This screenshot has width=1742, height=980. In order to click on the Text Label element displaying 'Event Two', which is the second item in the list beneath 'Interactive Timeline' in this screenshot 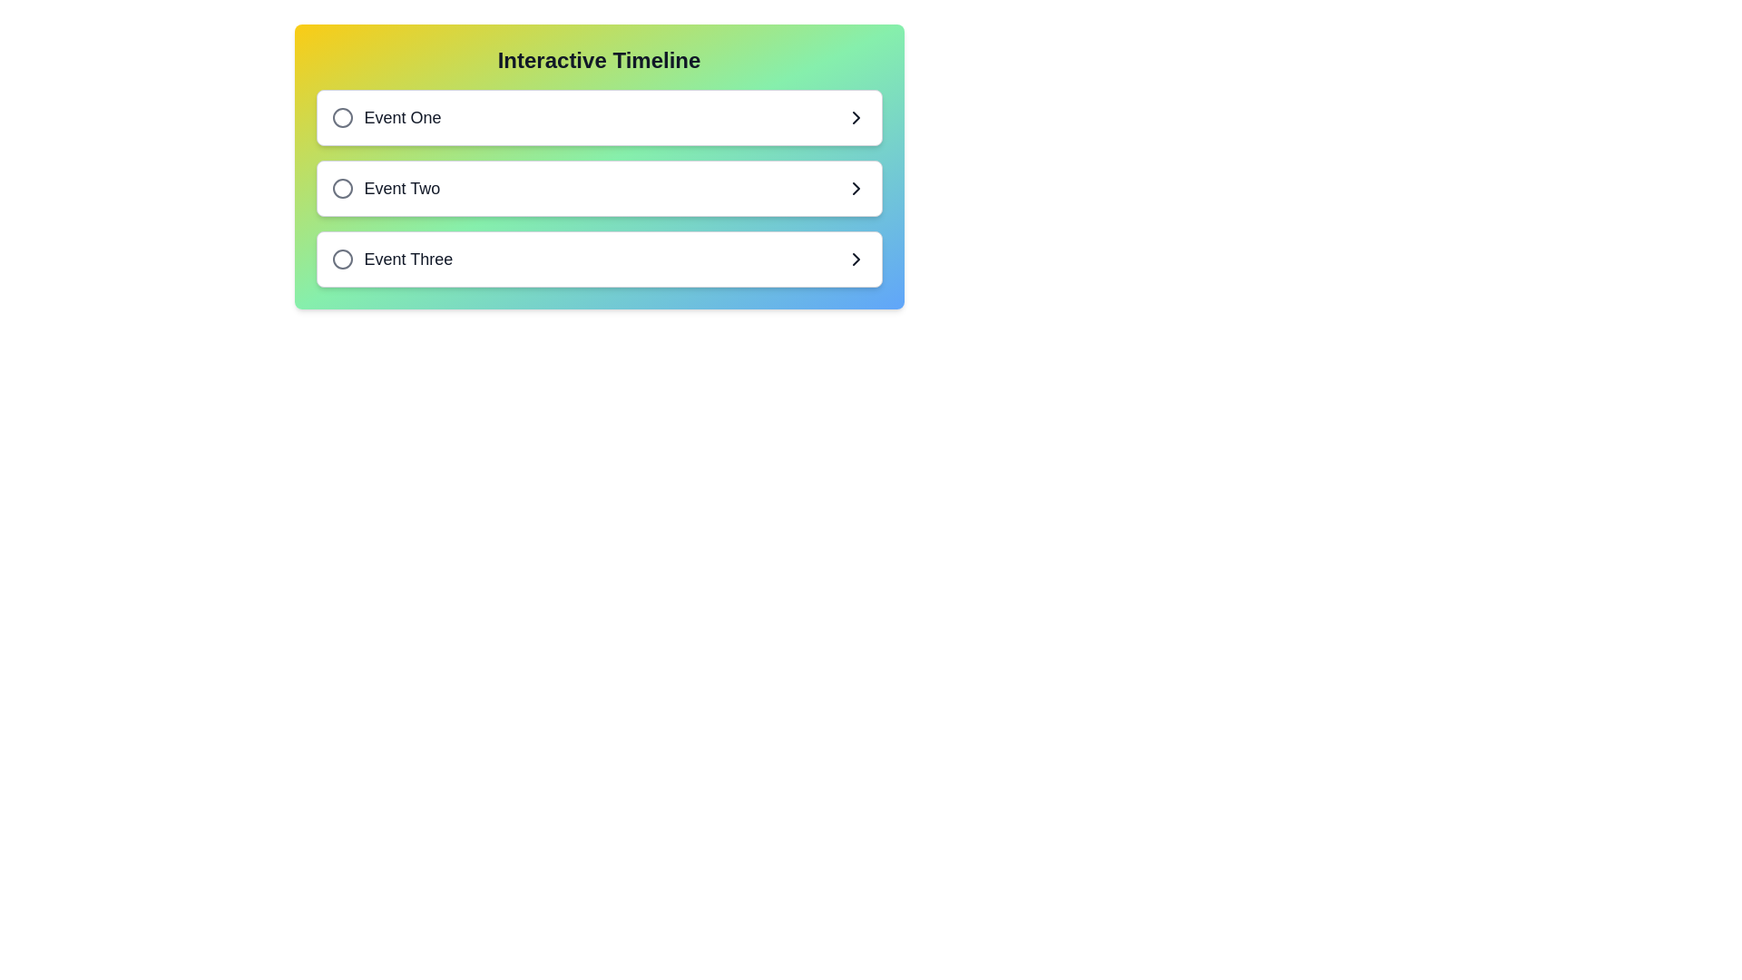, I will do `click(401, 189)`.